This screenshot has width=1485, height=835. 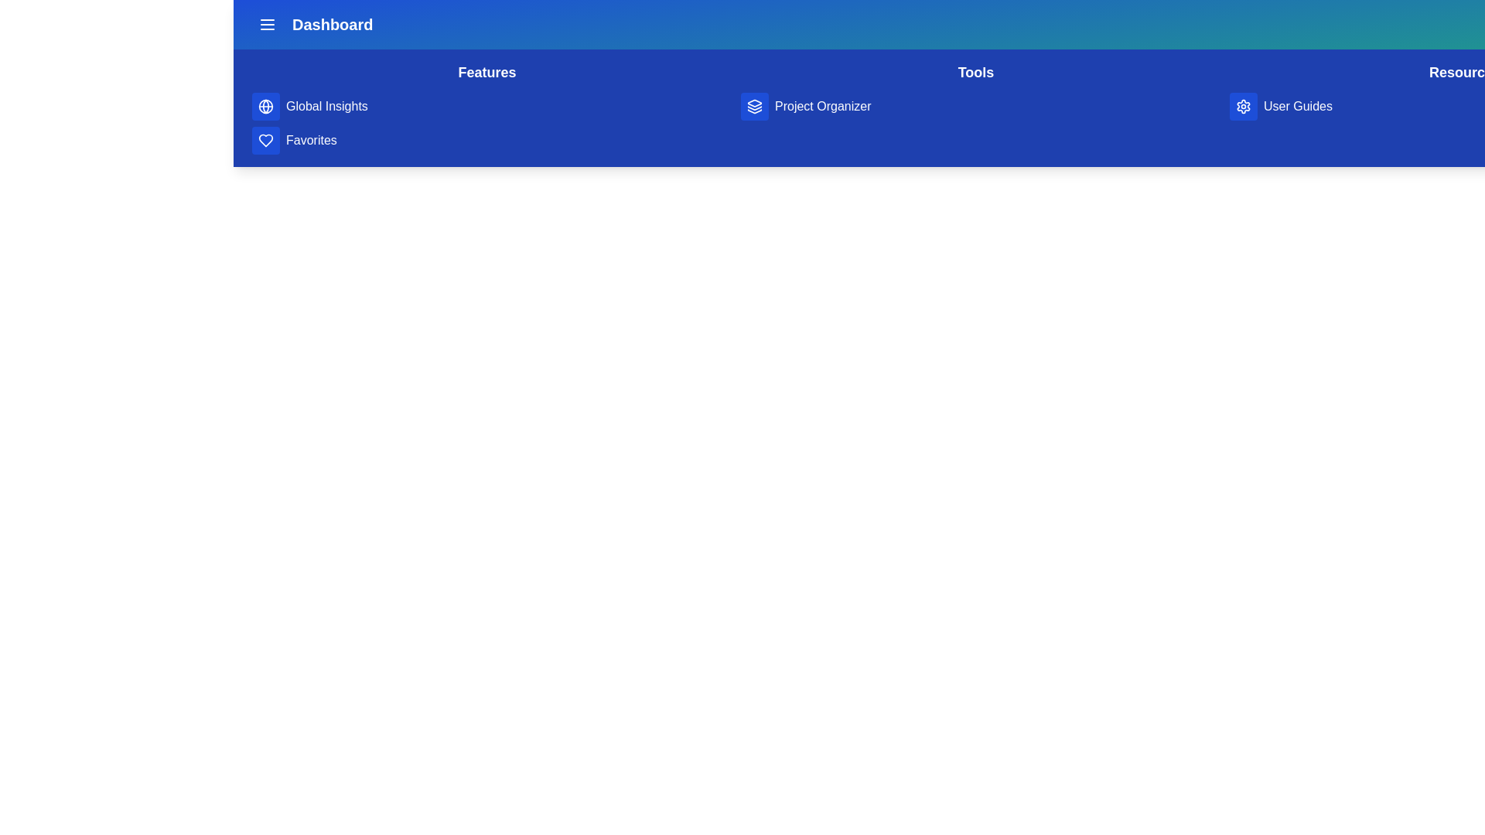 I want to click on the 'Favorites' icon located in the left vertical navigation bar, below 'Global Insights', so click(x=266, y=140).